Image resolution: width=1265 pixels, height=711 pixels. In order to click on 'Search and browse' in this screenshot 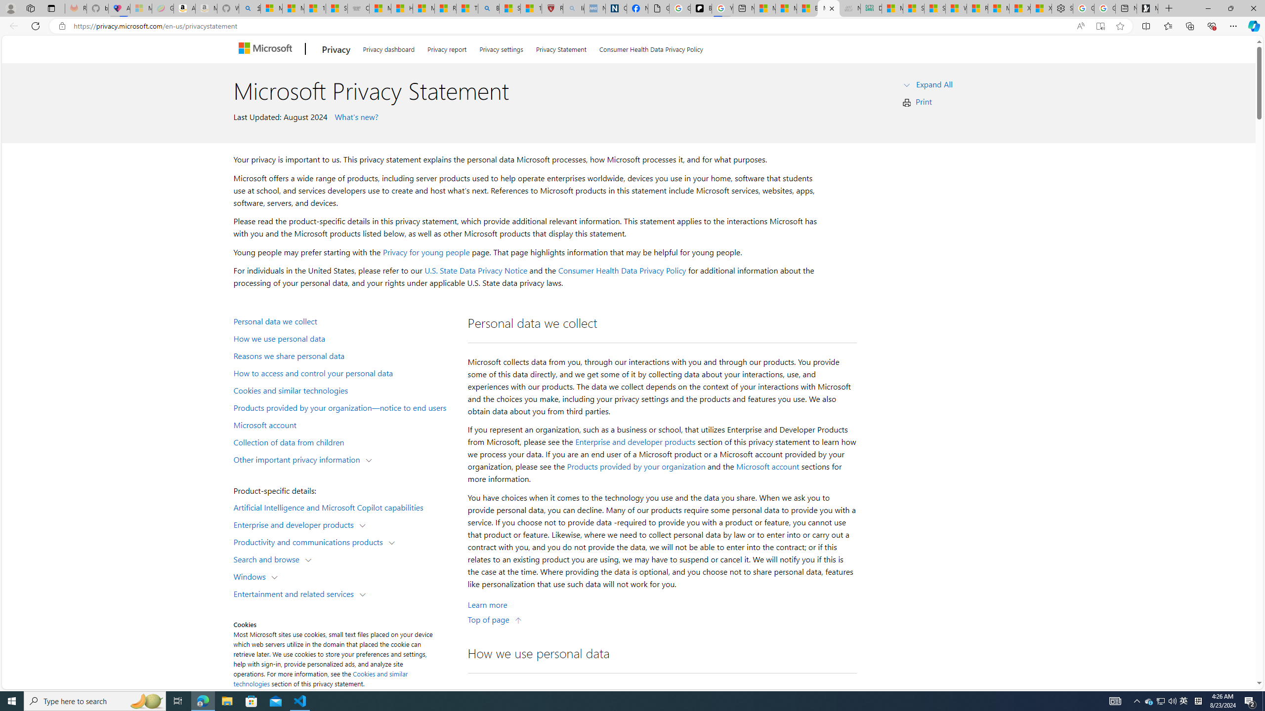, I will do `click(268, 558)`.